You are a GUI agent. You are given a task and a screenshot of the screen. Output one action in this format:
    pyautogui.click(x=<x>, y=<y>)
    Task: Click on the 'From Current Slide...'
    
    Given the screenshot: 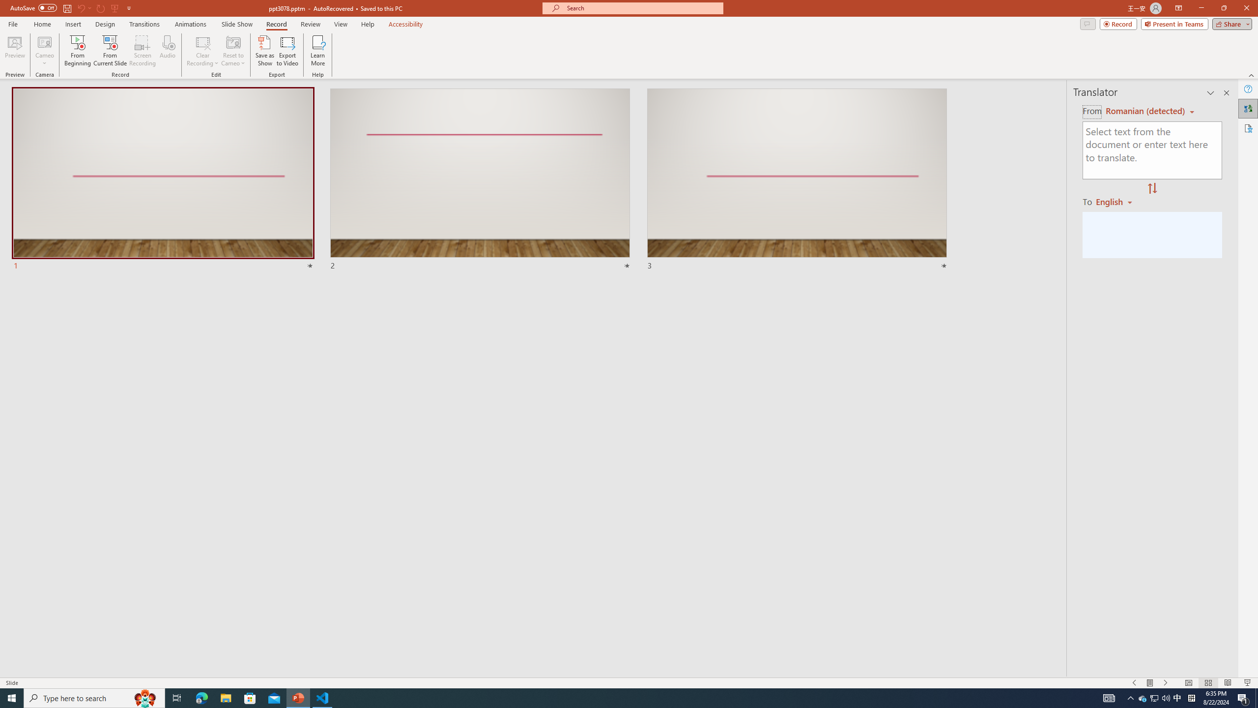 What is the action you would take?
    pyautogui.click(x=110, y=51)
    